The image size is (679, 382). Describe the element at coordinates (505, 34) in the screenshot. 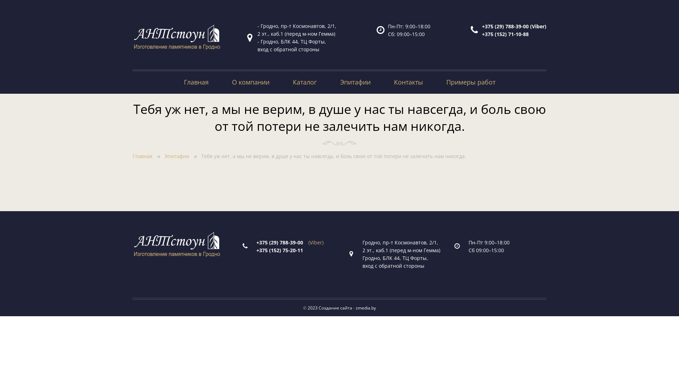

I see `'+375 (152) 71-10-88'` at that location.